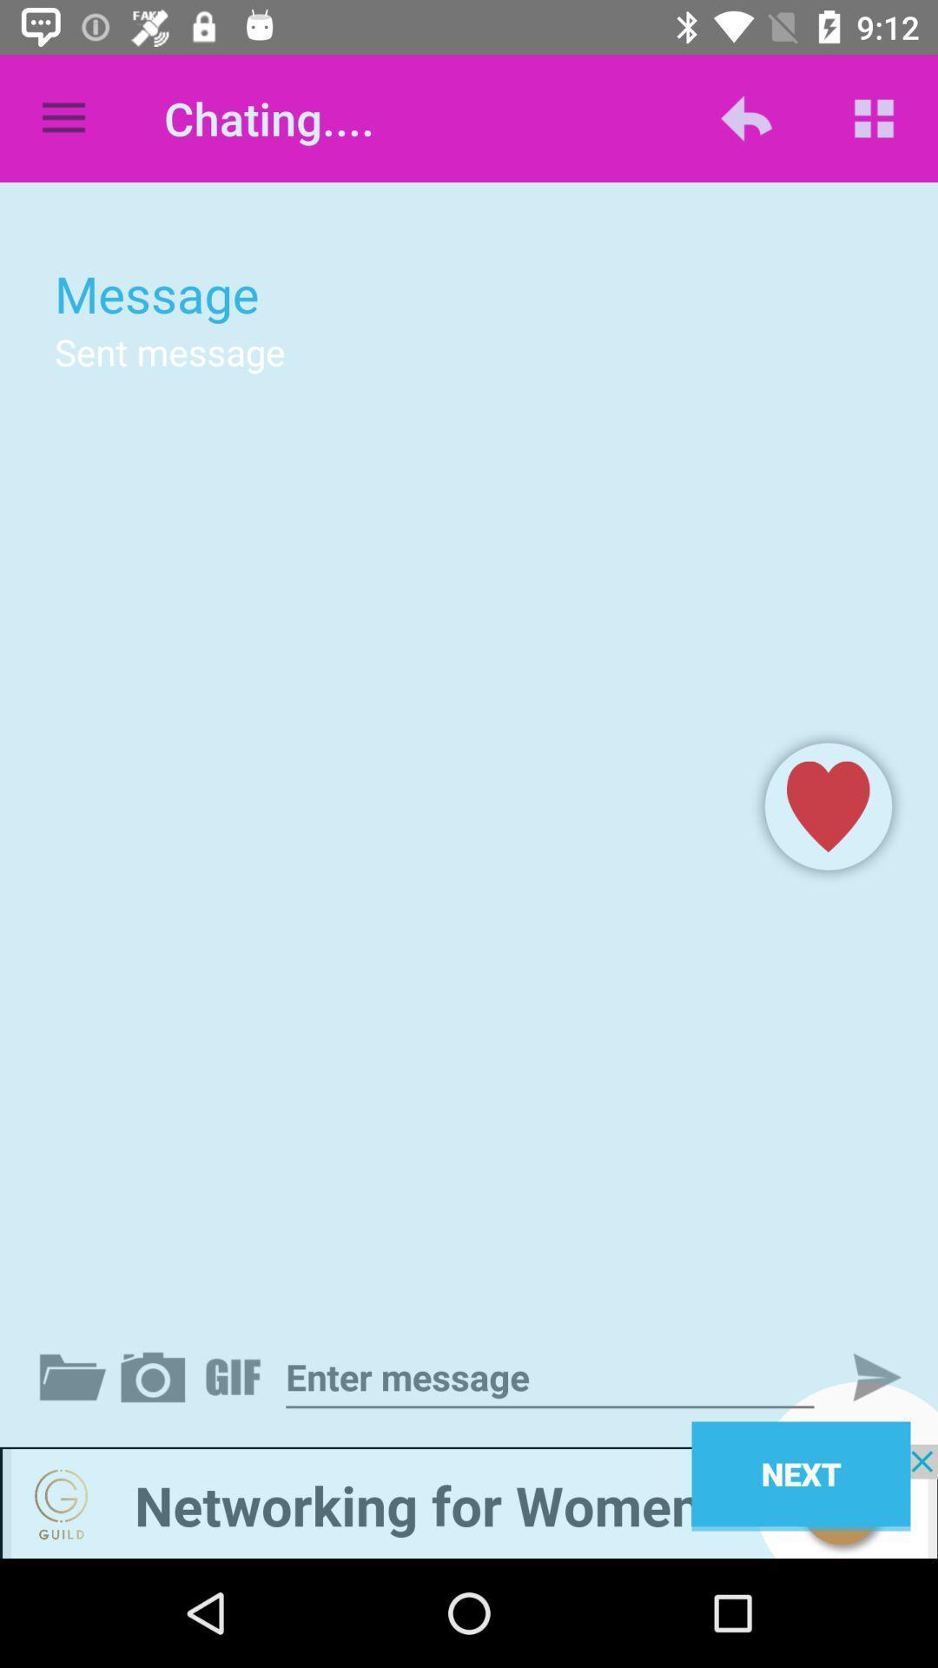 The width and height of the screenshot is (938, 1668). Describe the element at coordinates (469, 1500) in the screenshot. I see `advertisement` at that location.